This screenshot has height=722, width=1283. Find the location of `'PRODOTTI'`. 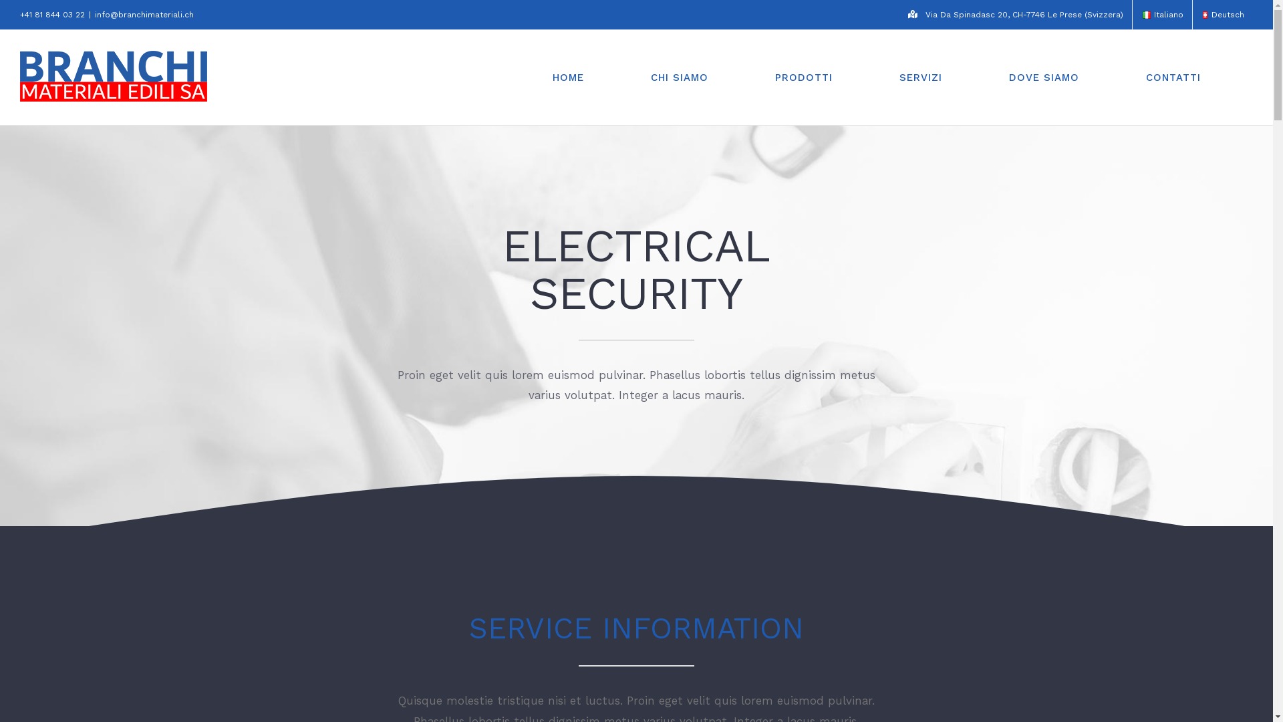

'PRODOTTI' is located at coordinates (760, 77).